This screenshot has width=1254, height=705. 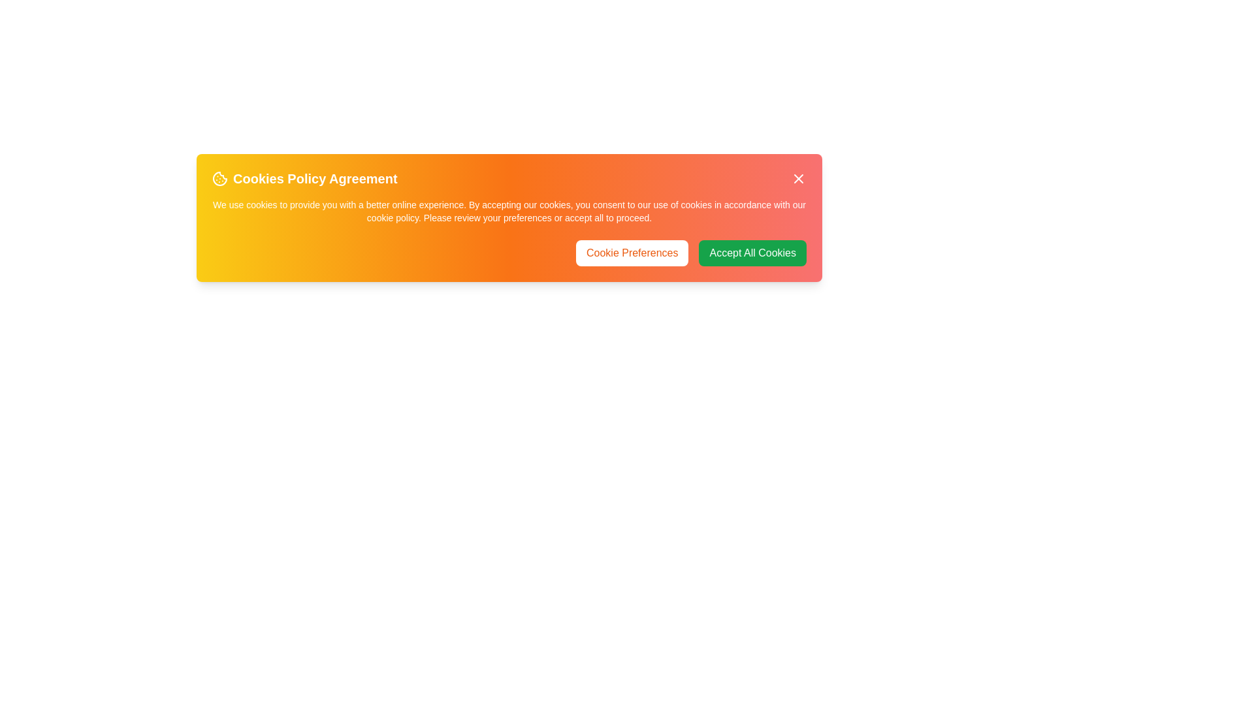 I want to click on text from the paragraph styled in white color about cookie usage policies, positioned centrally below the heading 'Cookies Policy Agreement', so click(x=508, y=211).